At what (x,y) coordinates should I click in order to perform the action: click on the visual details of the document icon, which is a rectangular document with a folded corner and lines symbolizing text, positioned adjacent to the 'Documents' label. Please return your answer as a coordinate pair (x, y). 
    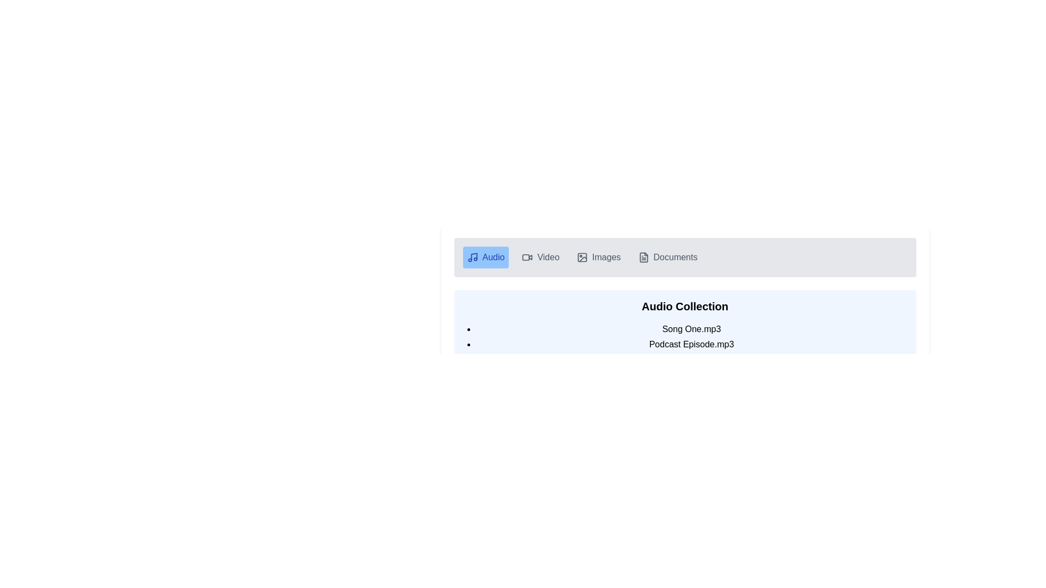
    Looking at the image, I should click on (643, 258).